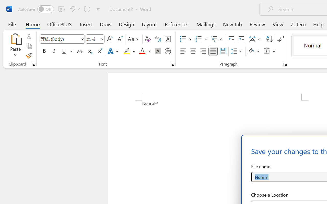 Image resolution: width=327 pixels, height=204 pixels. I want to click on 'Asian Layout', so click(255, 39).